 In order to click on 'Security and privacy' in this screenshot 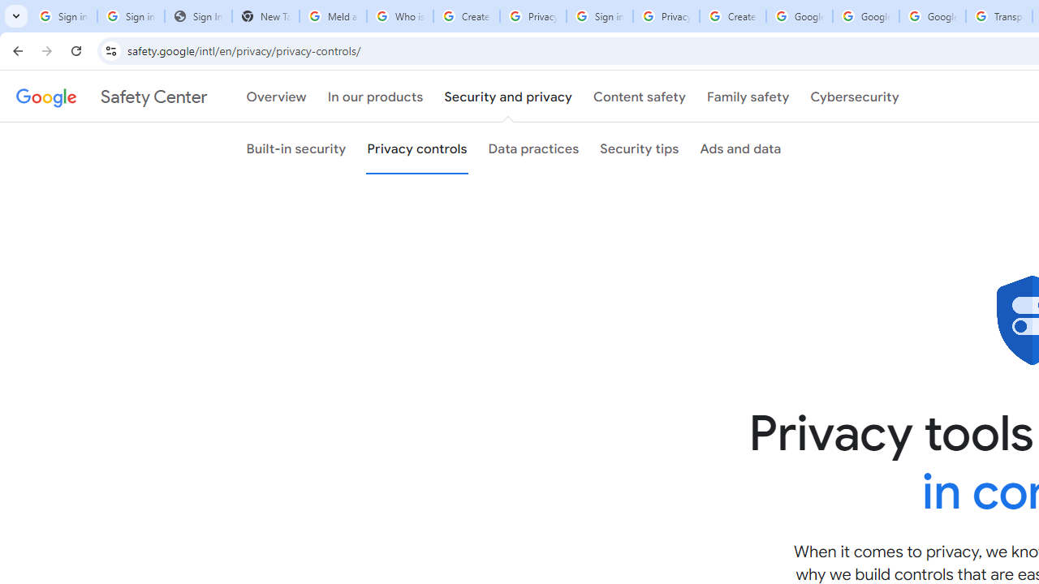, I will do `click(507, 97)`.